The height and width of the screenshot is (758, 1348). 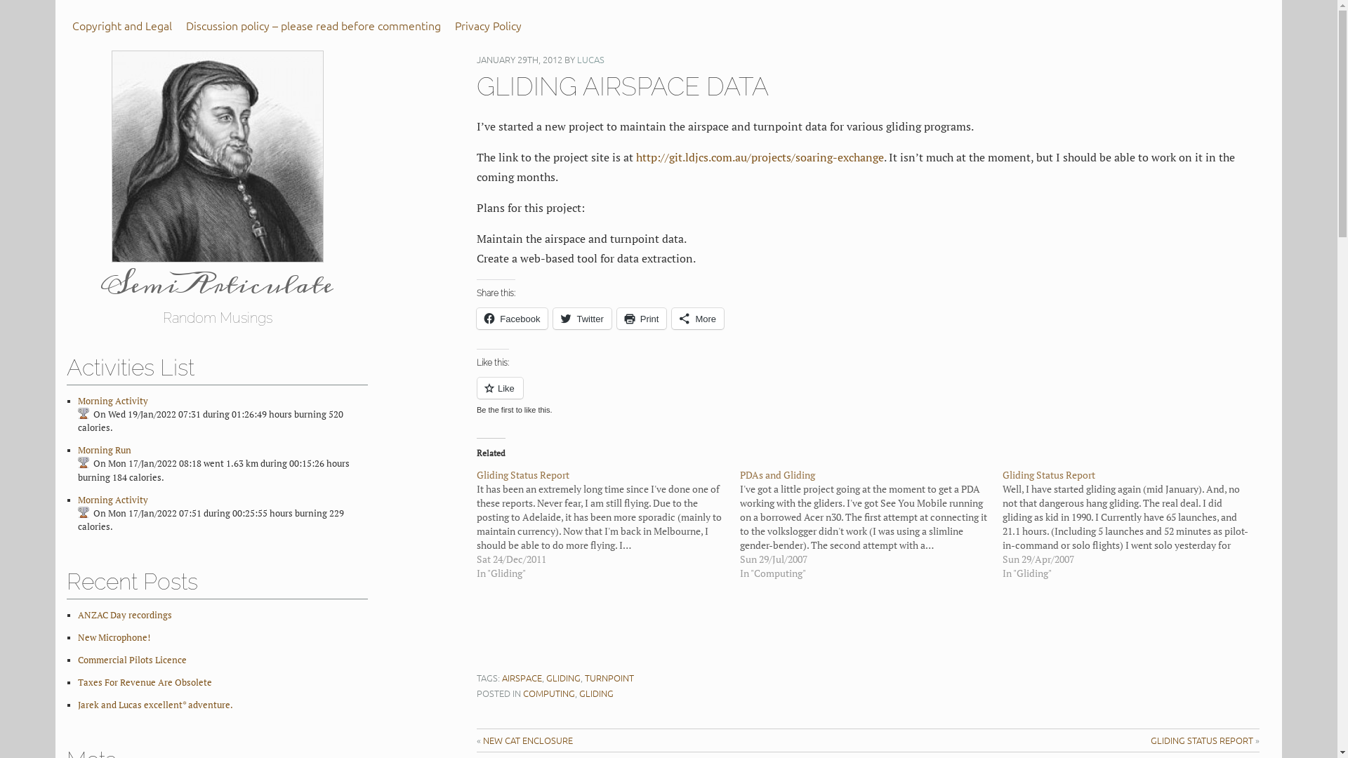 I want to click on 'GLIDING', so click(x=596, y=692).